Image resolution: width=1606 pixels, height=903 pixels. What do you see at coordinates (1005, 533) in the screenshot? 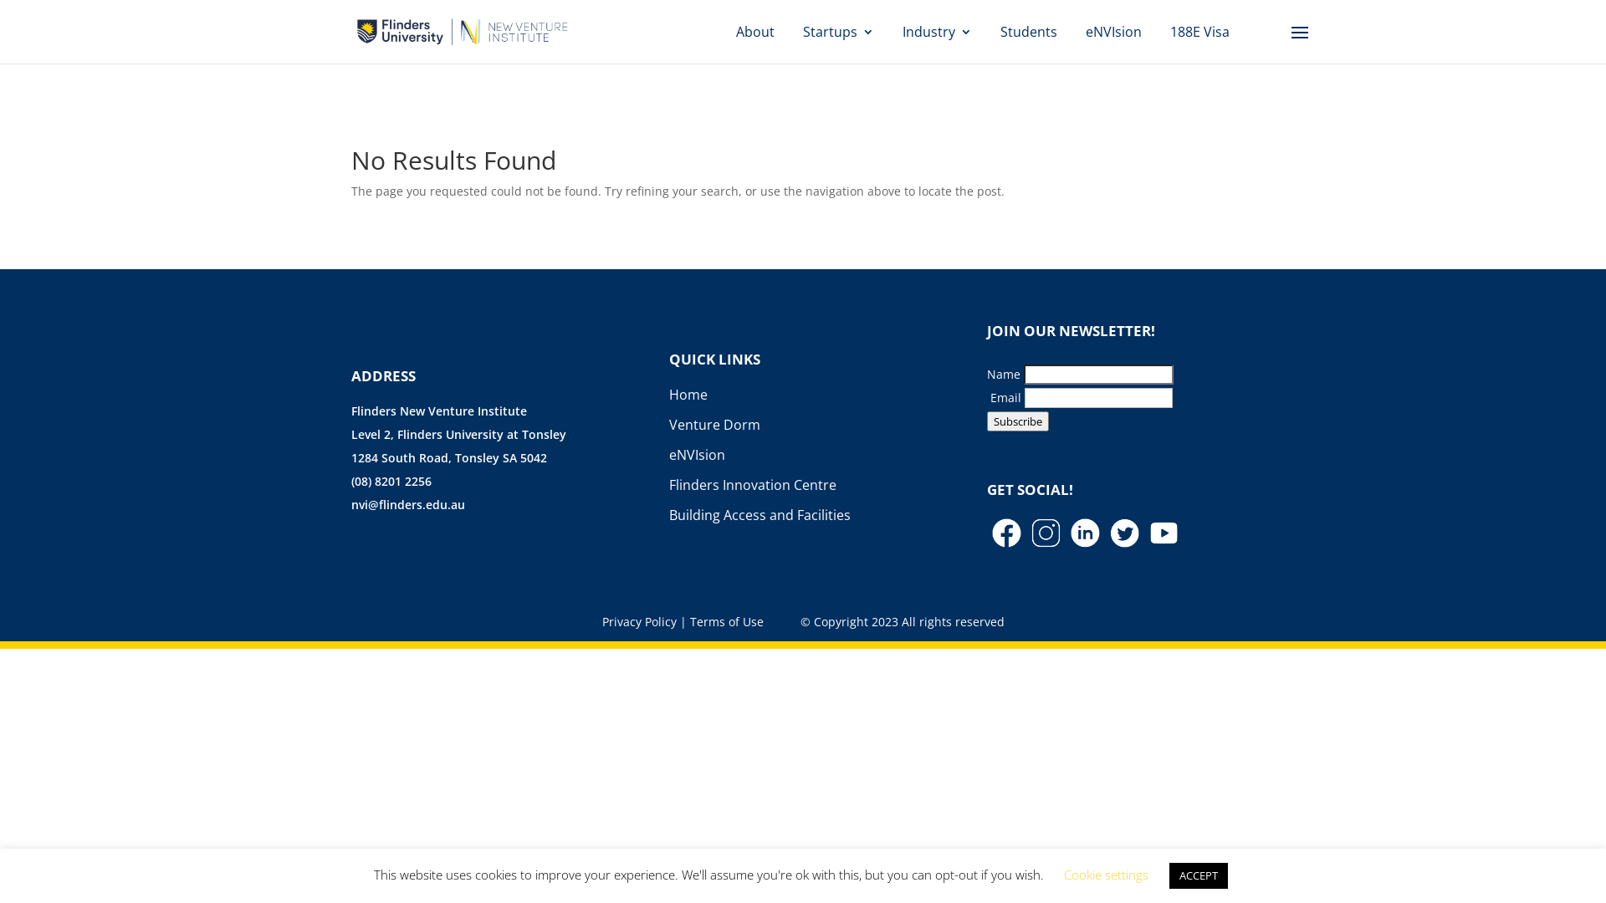
I see `'Facebook'` at bounding box center [1005, 533].